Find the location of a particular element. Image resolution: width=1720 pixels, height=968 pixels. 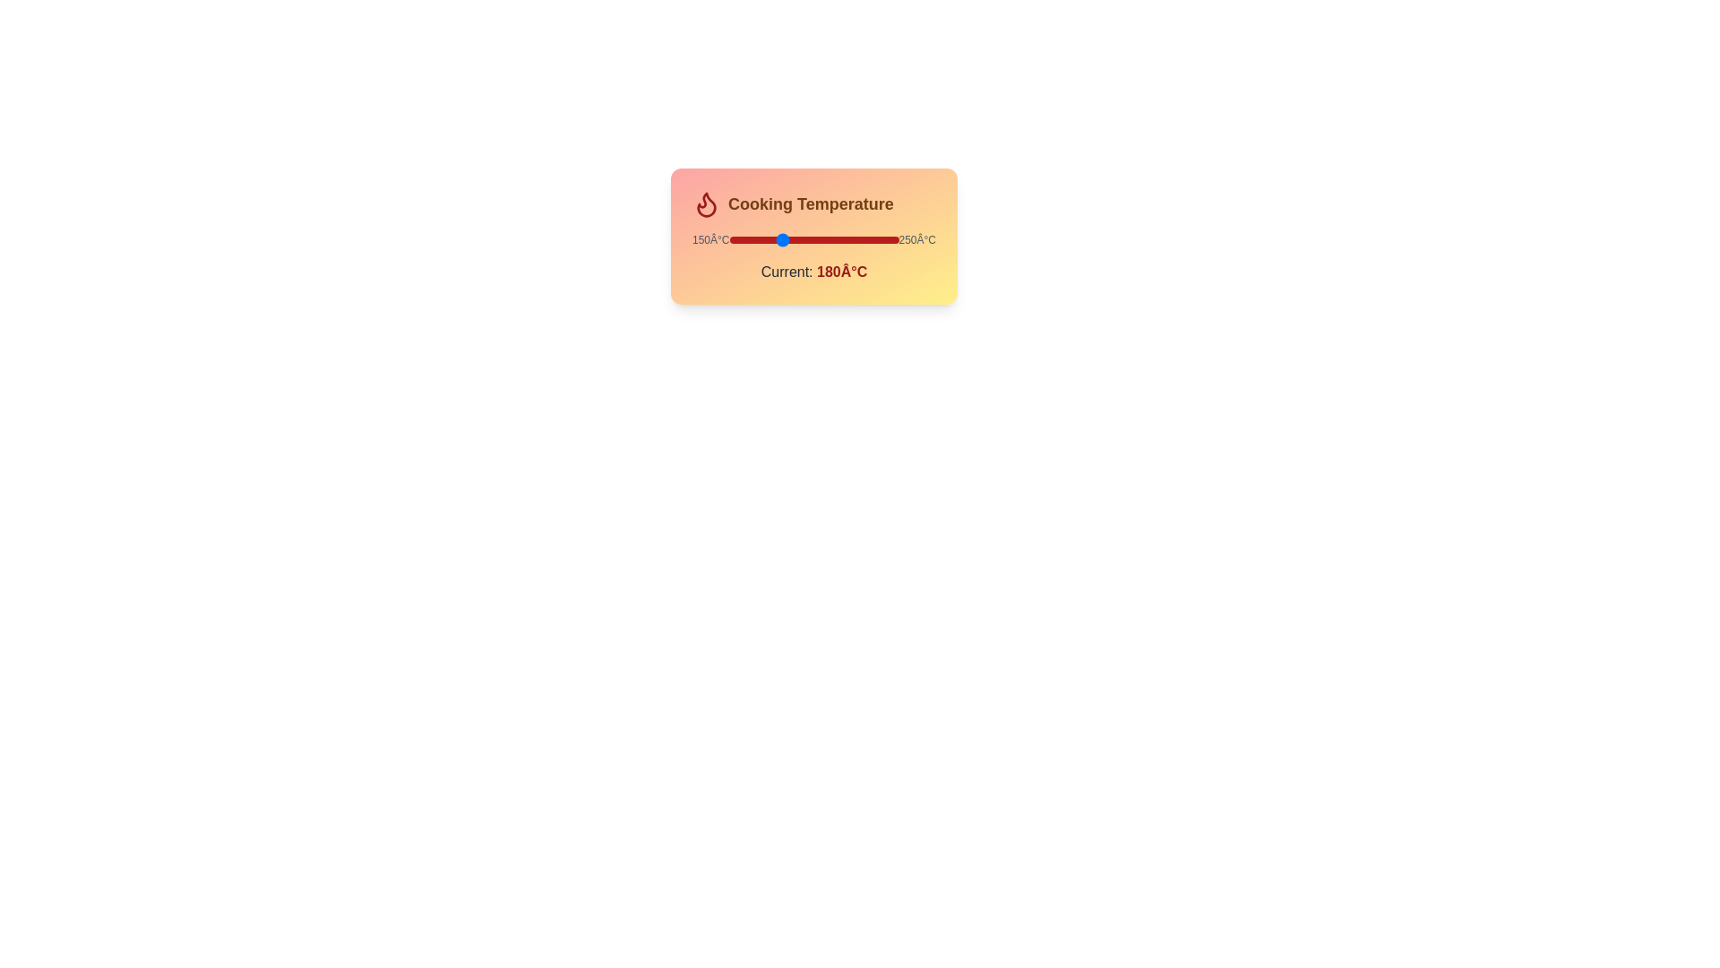

the temperature slider to set the temperature to 211°C is located at coordinates (831, 238).